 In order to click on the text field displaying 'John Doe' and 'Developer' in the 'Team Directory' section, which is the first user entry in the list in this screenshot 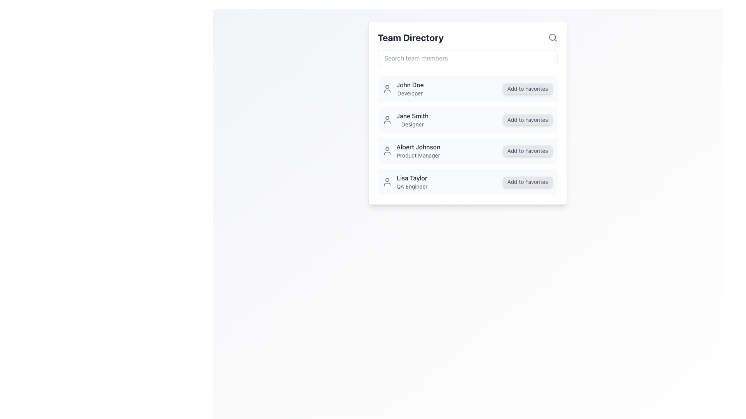, I will do `click(410, 88)`.